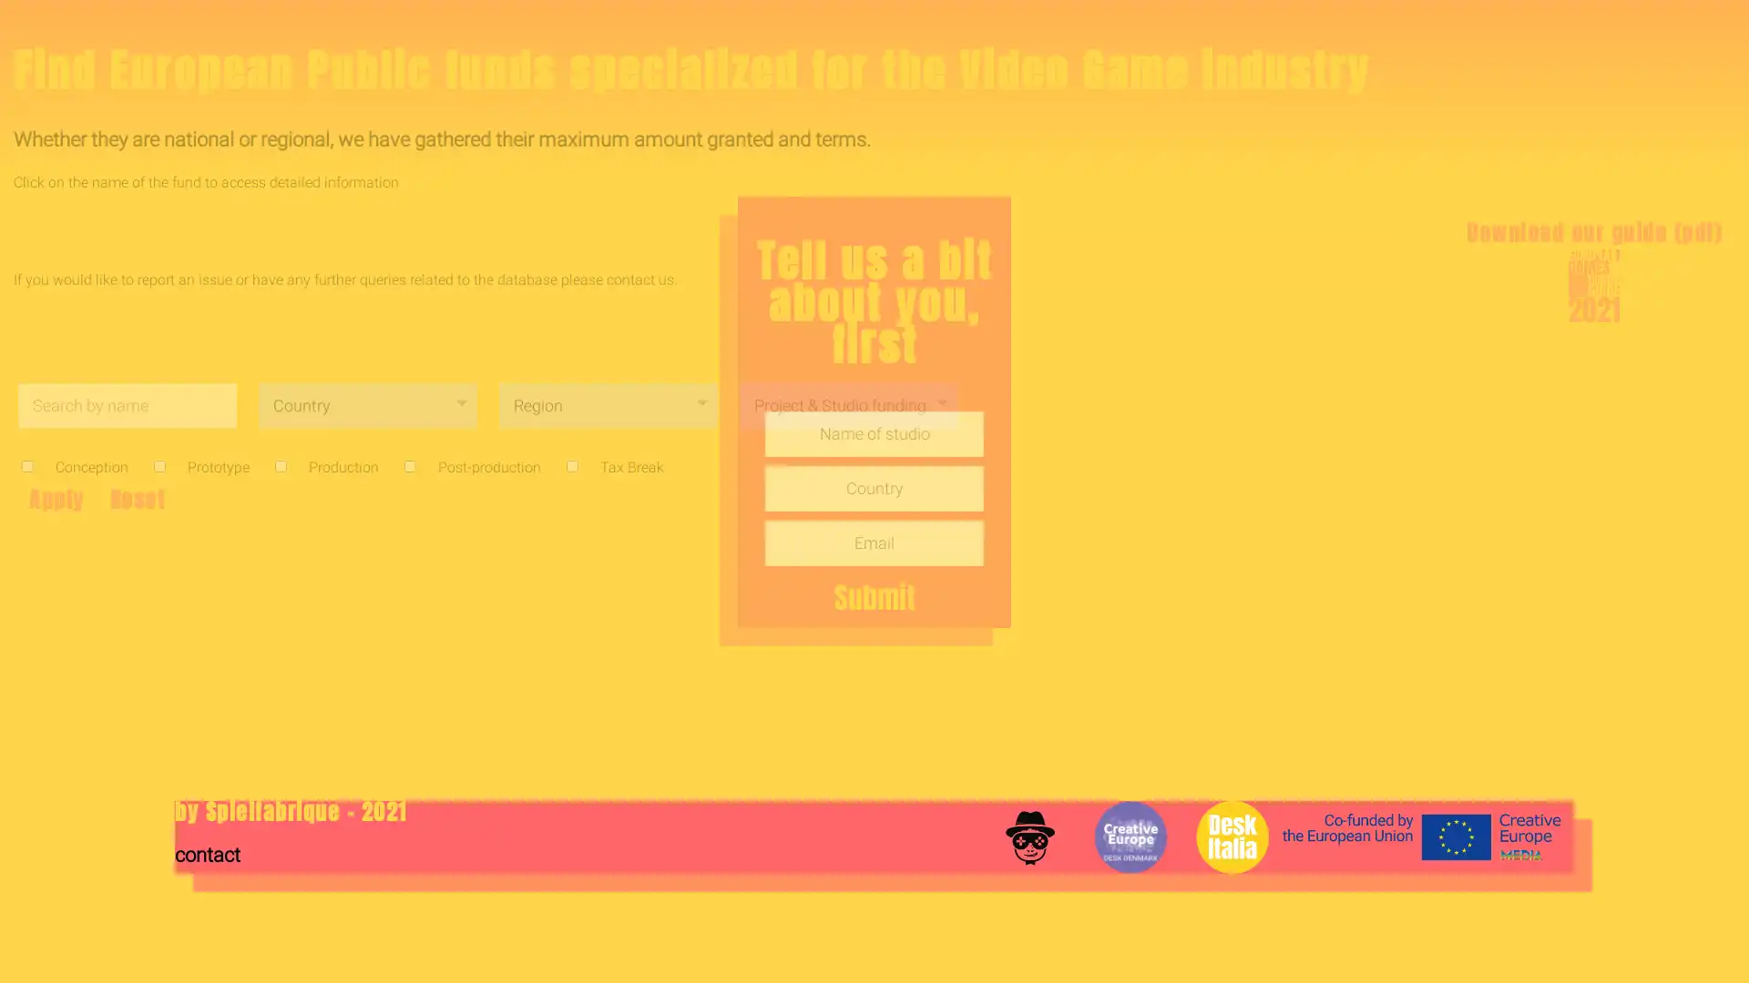  I want to click on Apply, so click(56, 499).